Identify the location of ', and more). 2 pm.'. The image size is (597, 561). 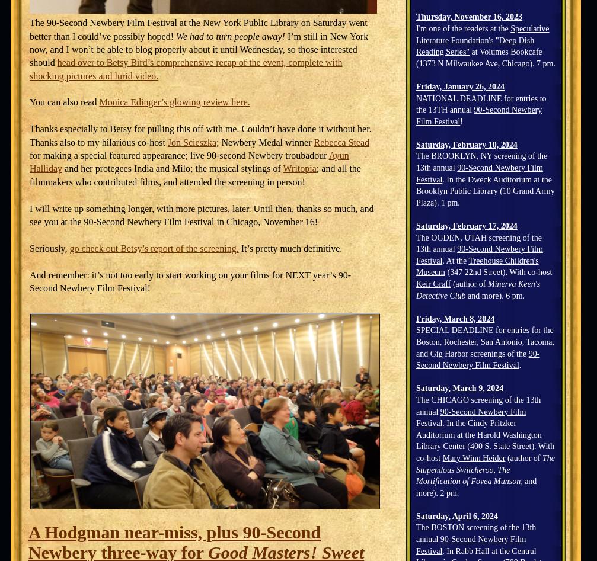
(475, 486).